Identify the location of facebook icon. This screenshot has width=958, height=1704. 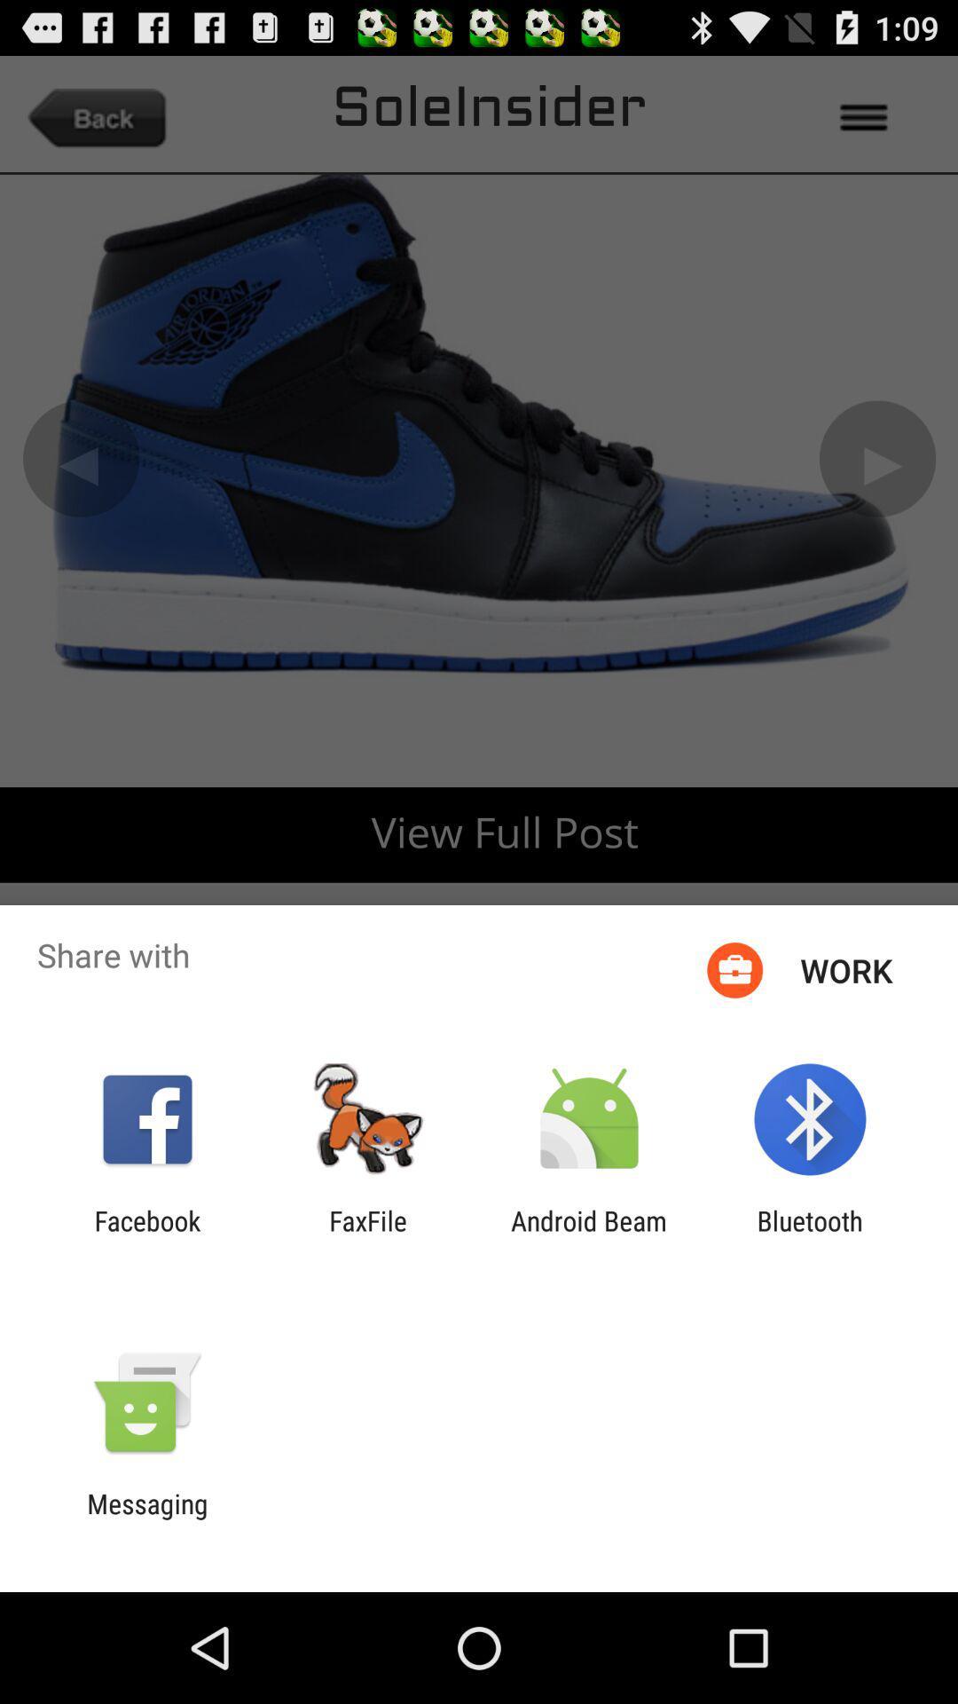
(146, 1235).